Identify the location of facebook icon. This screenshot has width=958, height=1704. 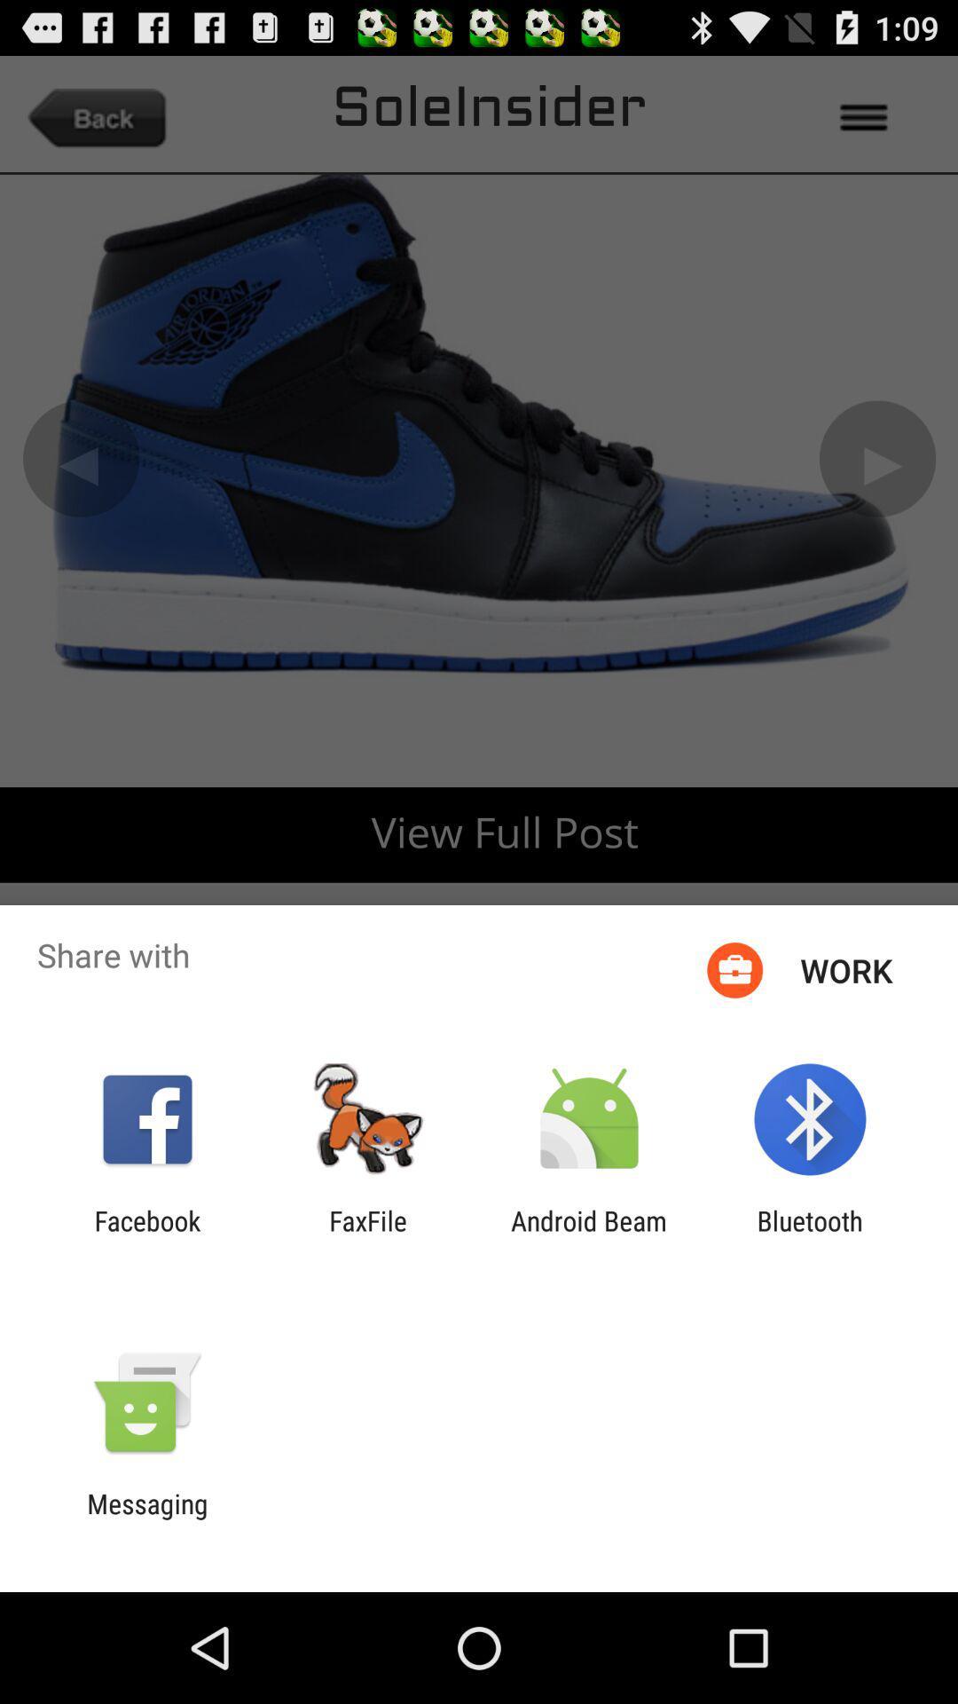
(146, 1235).